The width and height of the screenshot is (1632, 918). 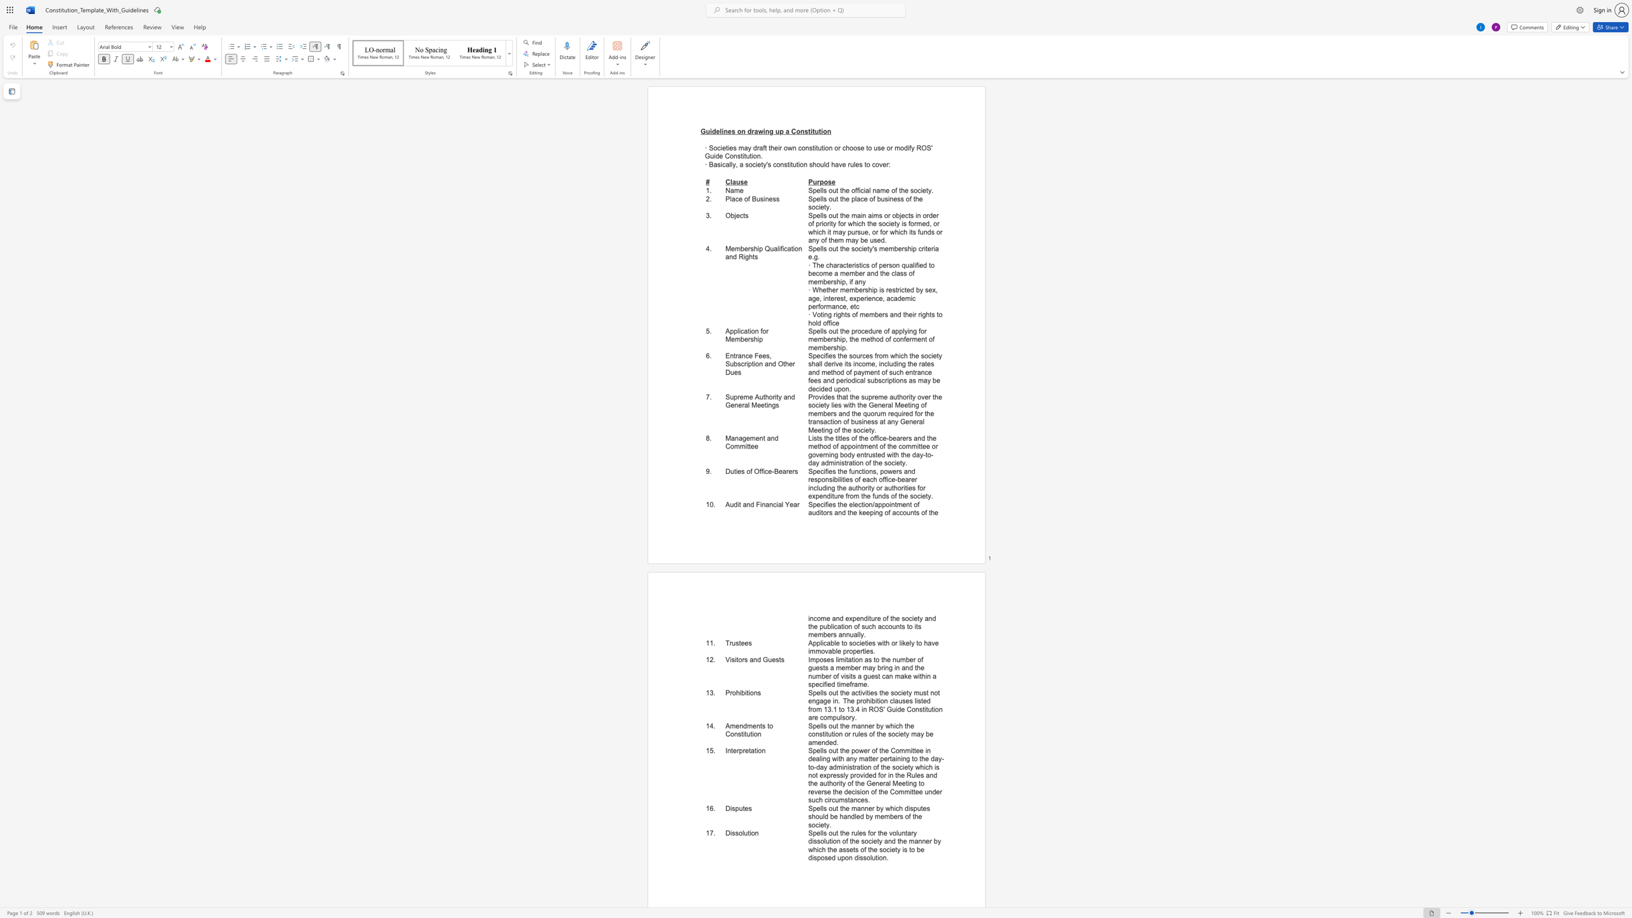 What do you see at coordinates (808, 651) in the screenshot?
I see `the subset text "immo" within the text "Applicable to societies with or likely to have immovable properties."` at bounding box center [808, 651].